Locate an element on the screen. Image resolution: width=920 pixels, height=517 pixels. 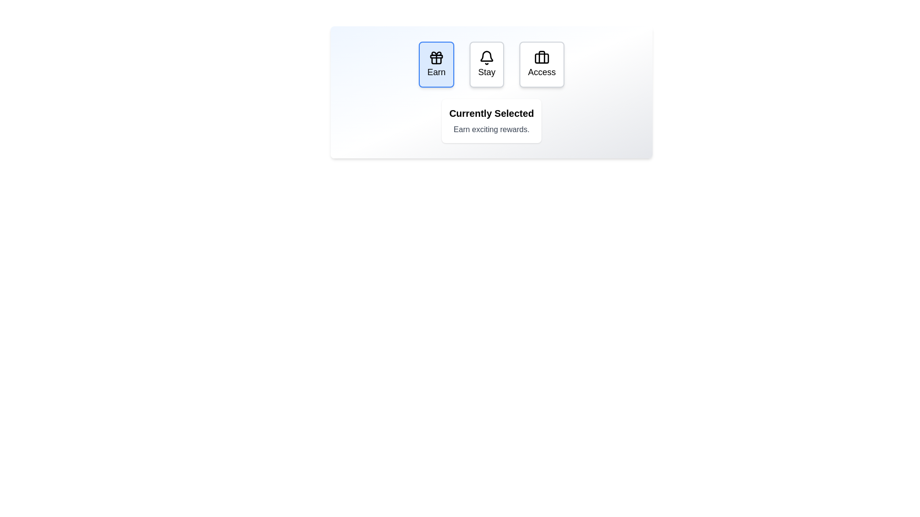
the decorative part of the gift icon located in the top-left section of the horizontal menu is located at coordinates (436, 61).